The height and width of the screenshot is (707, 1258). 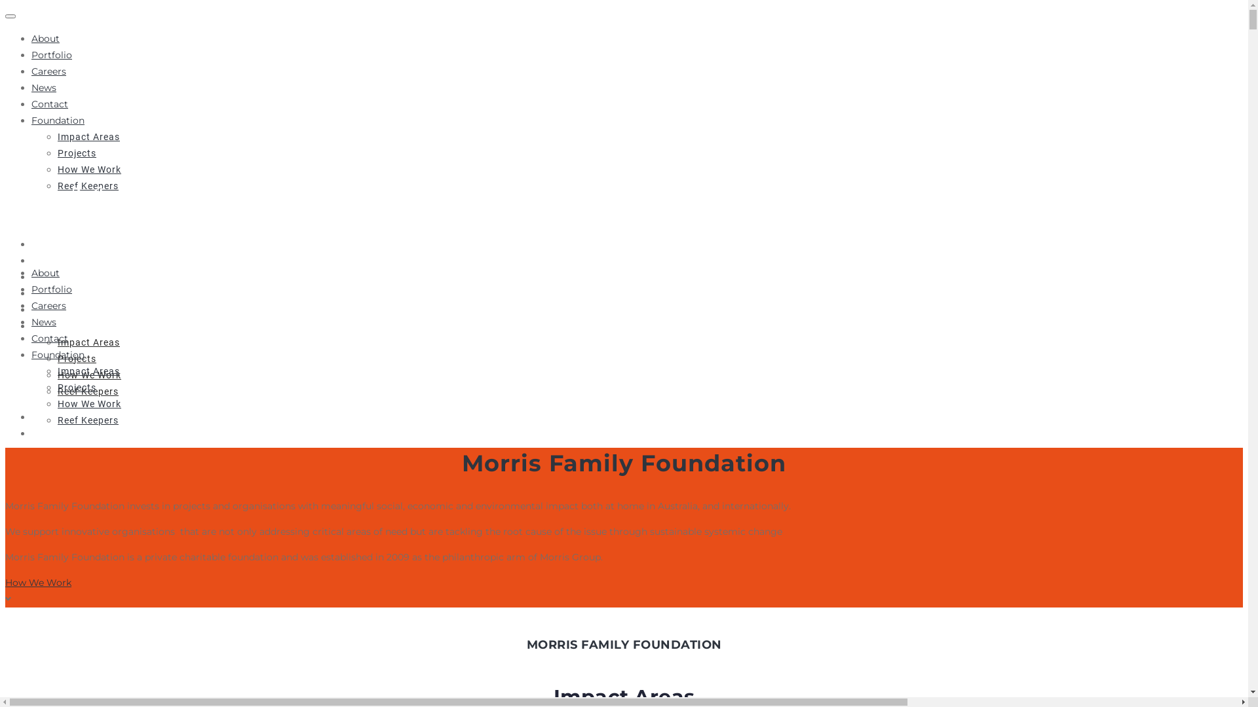 I want to click on 'Careers', so click(x=50, y=276).